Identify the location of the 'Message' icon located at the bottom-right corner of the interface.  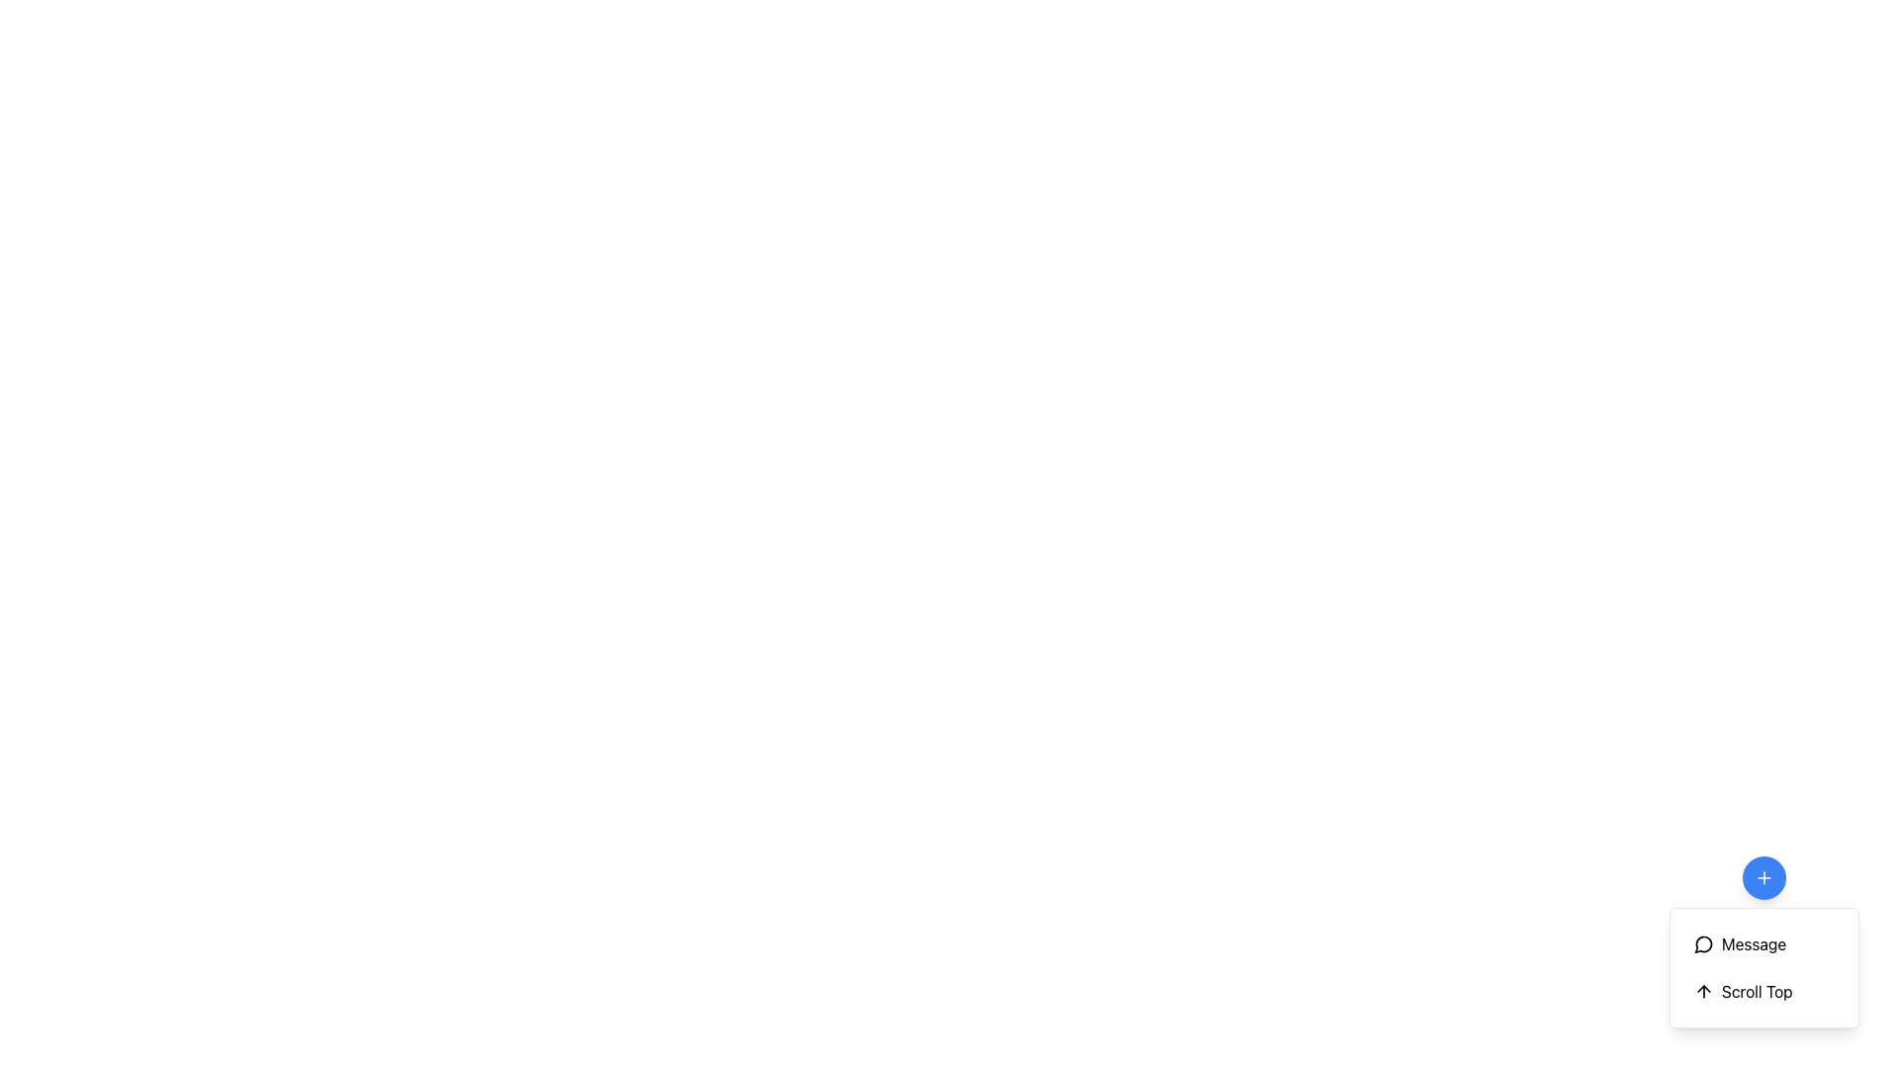
(1703, 943).